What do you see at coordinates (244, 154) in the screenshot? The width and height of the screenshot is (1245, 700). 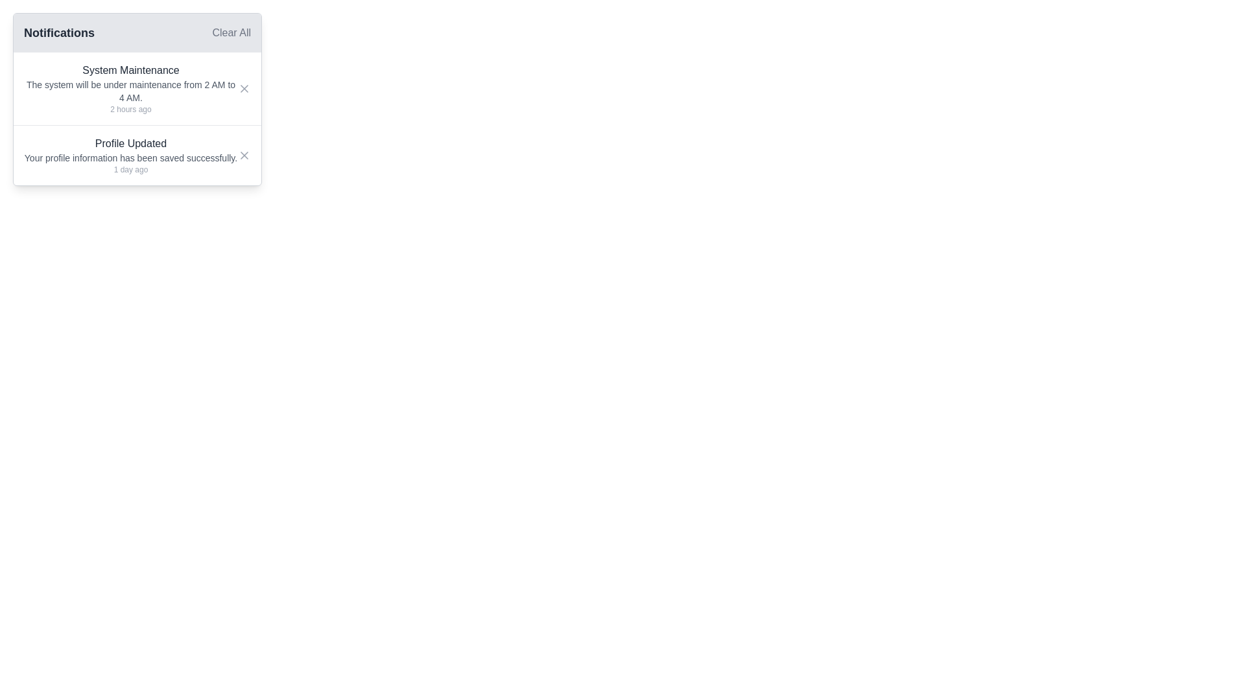 I see `the dismiss button represented by a black 'X' mark located in the second notification item of the notification panel` at bounding box center [244, 154].